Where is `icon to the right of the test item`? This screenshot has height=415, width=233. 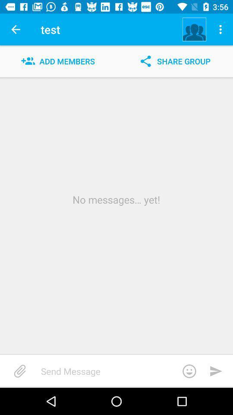 icon to the right of the test item is located at coordinates (194, 29).